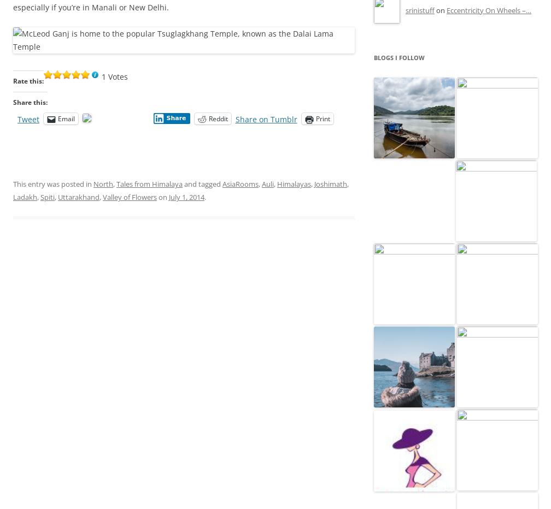  I want to click on 'Tweet', so click(17, 119).